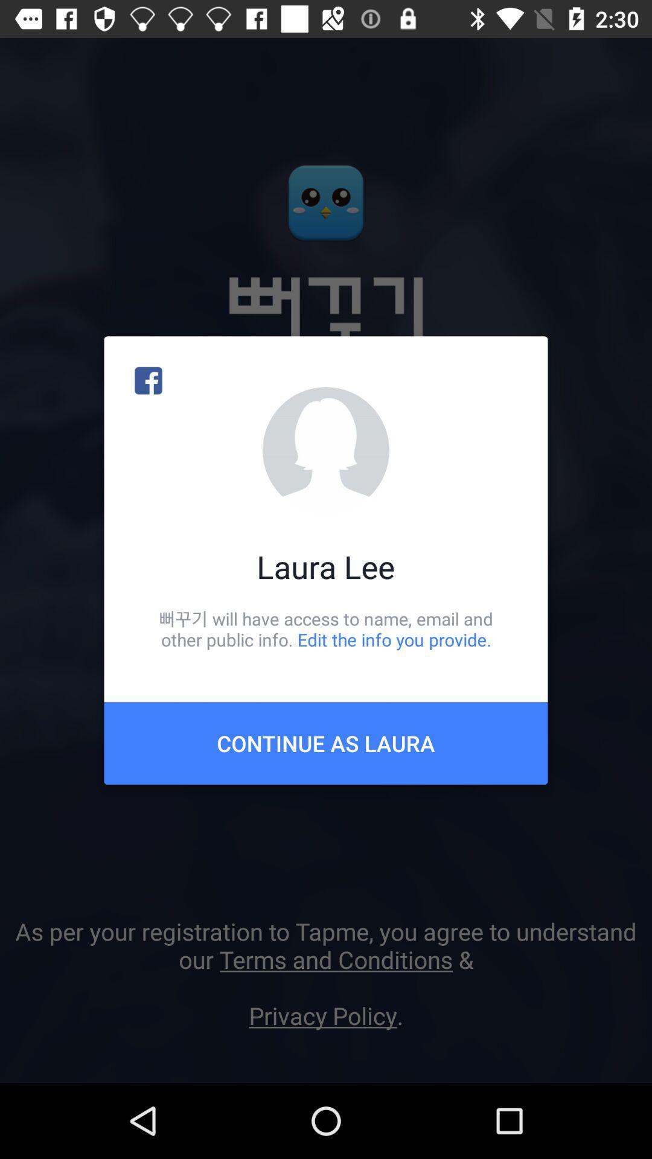 The height and width of the screenshot is (1159, 652). Describe the element at coordinates (326, 742) in the screenshot. I see `continue as laura item` at that location.